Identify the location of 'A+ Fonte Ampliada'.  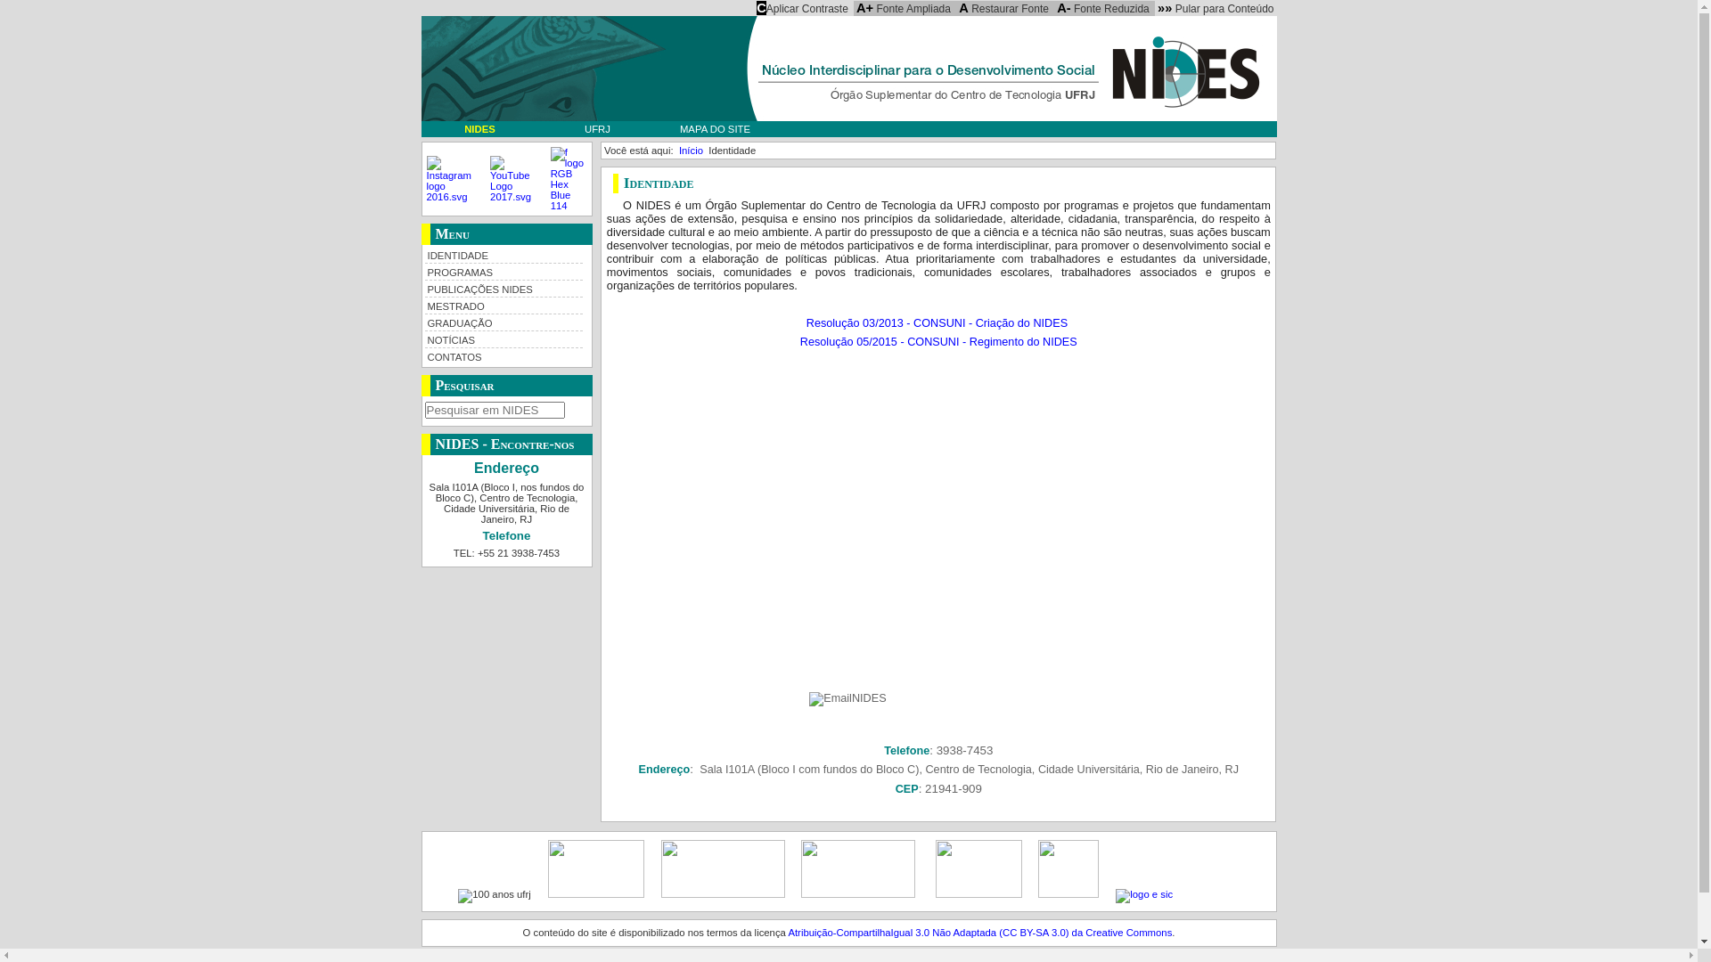
(903, 7).